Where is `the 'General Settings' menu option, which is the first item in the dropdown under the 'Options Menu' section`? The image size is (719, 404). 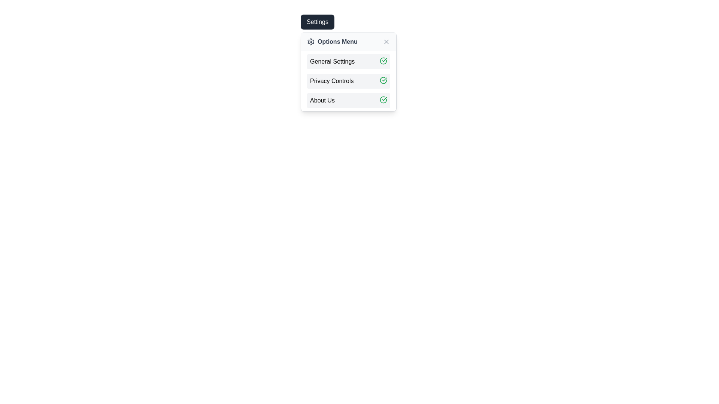
the 'General Settings' menu option, which is the first item in the dropdown under the 'Options Menu' section is located at coordinates (348, 61).